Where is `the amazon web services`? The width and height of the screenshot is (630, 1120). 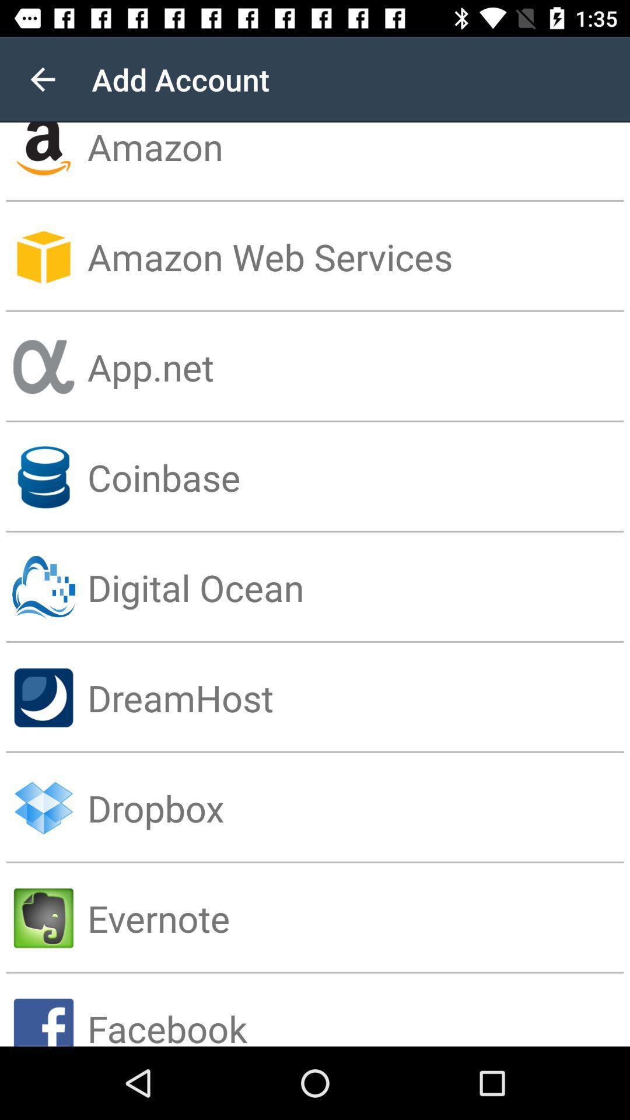 the amazon web services is located at coordinates (358, 256).